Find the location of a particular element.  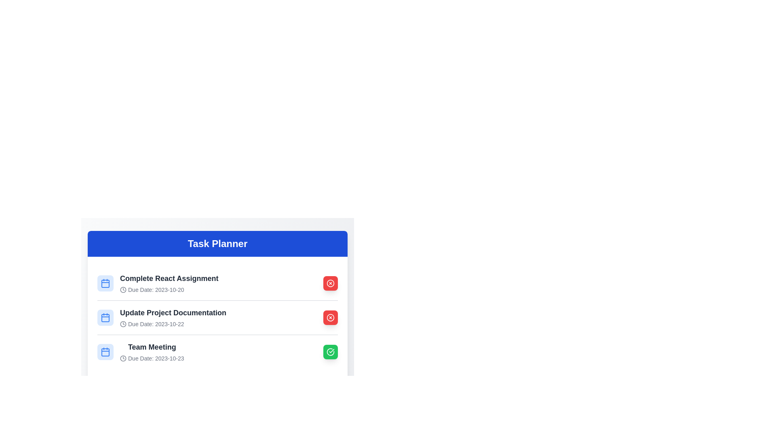

the text label displaying the due date for the task 'Update Project Documentation', which is located below the task title and next to the clock icon in the 'Task Planner' list is located at coordinates (173, 323).